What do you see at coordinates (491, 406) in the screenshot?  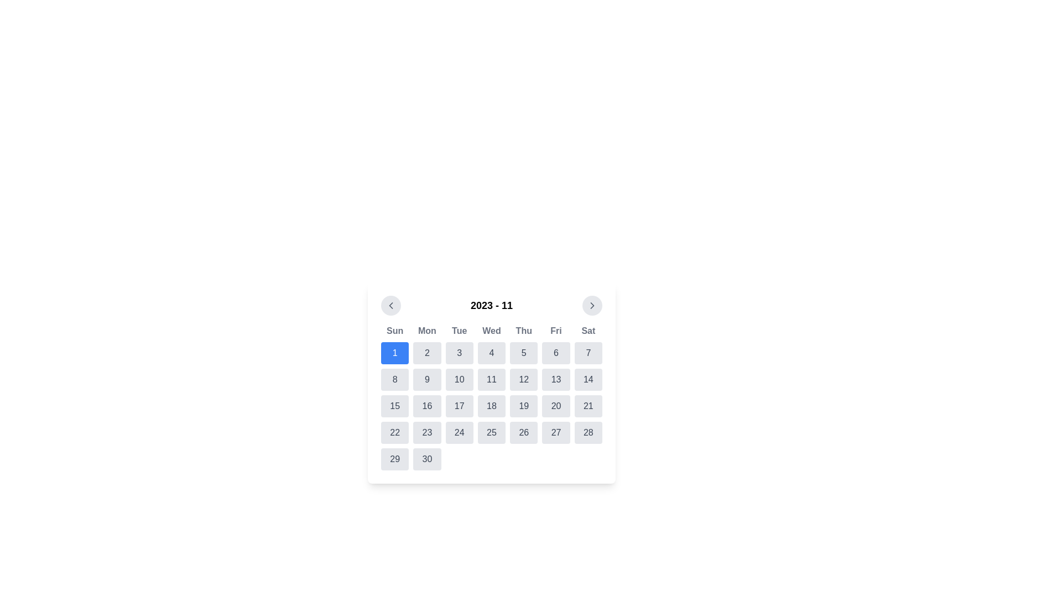 I see `the date selection button for the 18th date in the calendar grid layout` at bounding box center [491, 406].